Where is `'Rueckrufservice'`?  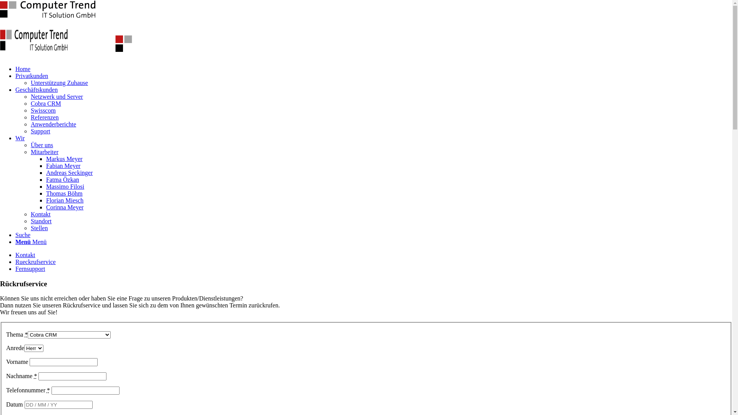 'Rueckrufservice' is located at coordinates (35, 261).